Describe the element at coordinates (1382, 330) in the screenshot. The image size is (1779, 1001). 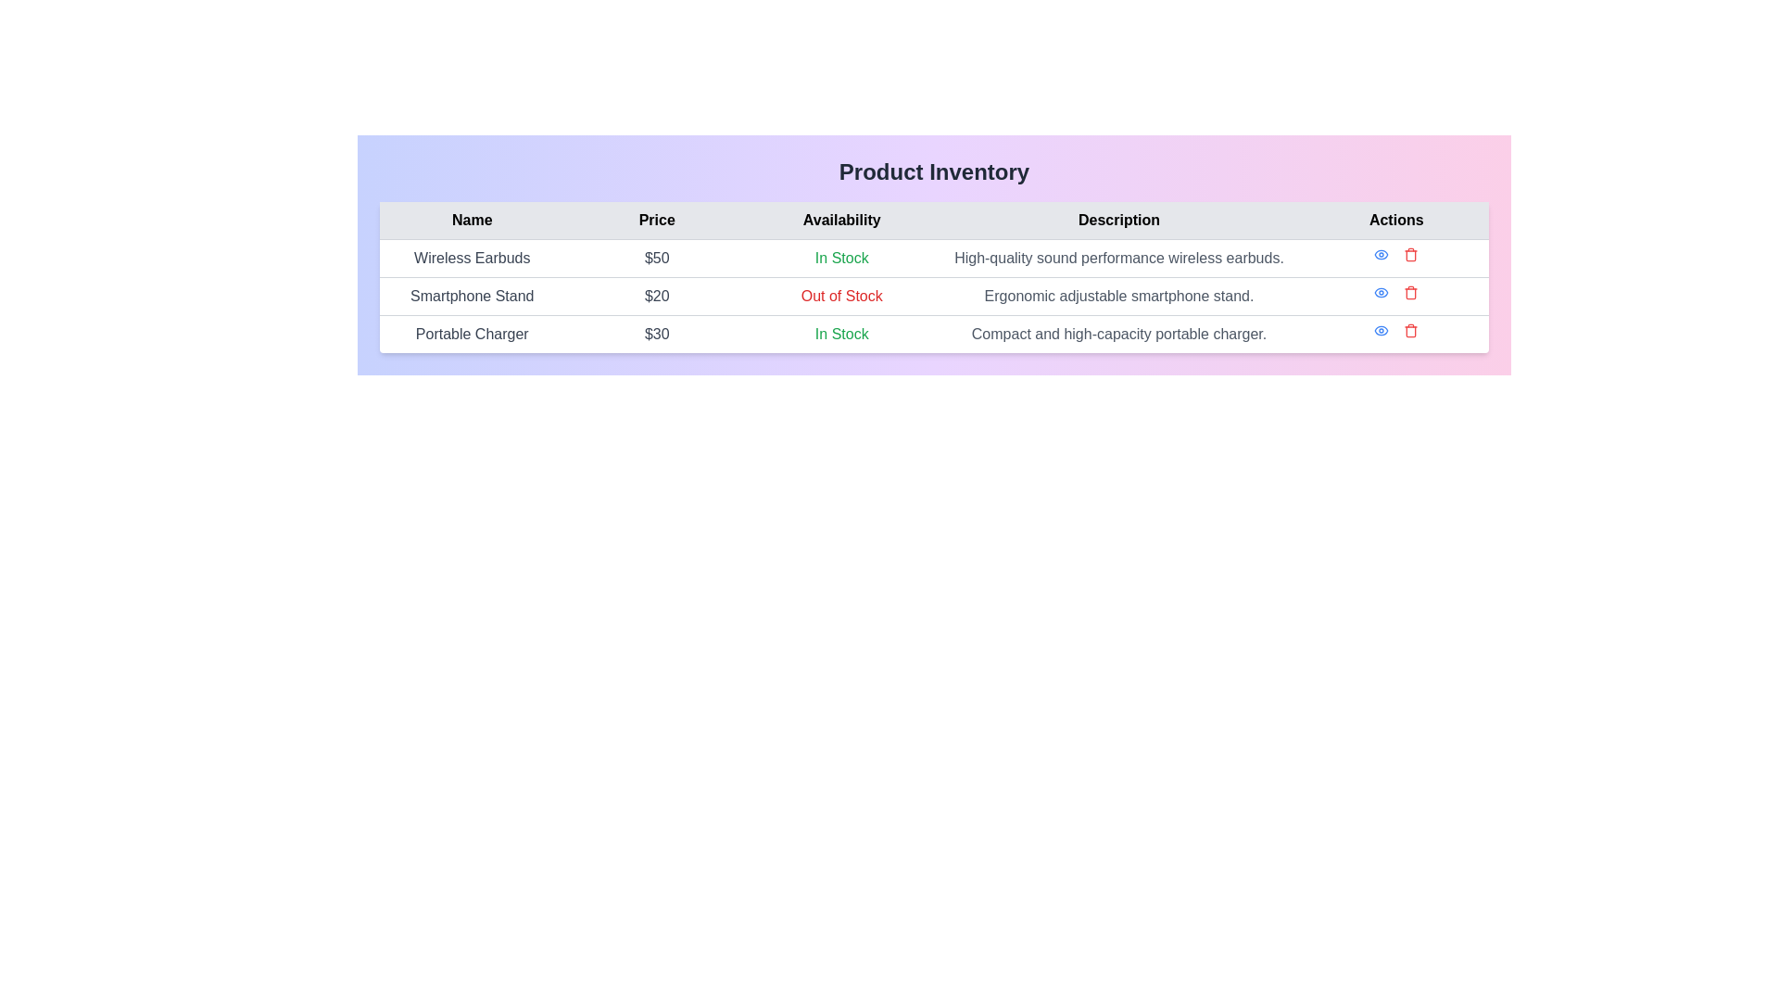
I see `the first icon button in the 'Actions' column of the product table` at that location.